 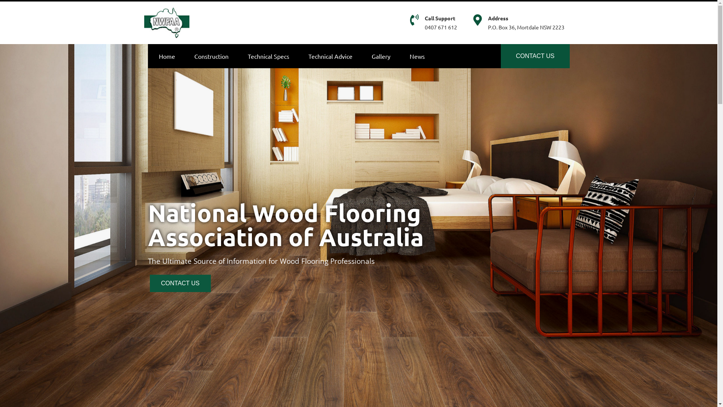 I want to click on 'Home', so click(x=151, y=55).